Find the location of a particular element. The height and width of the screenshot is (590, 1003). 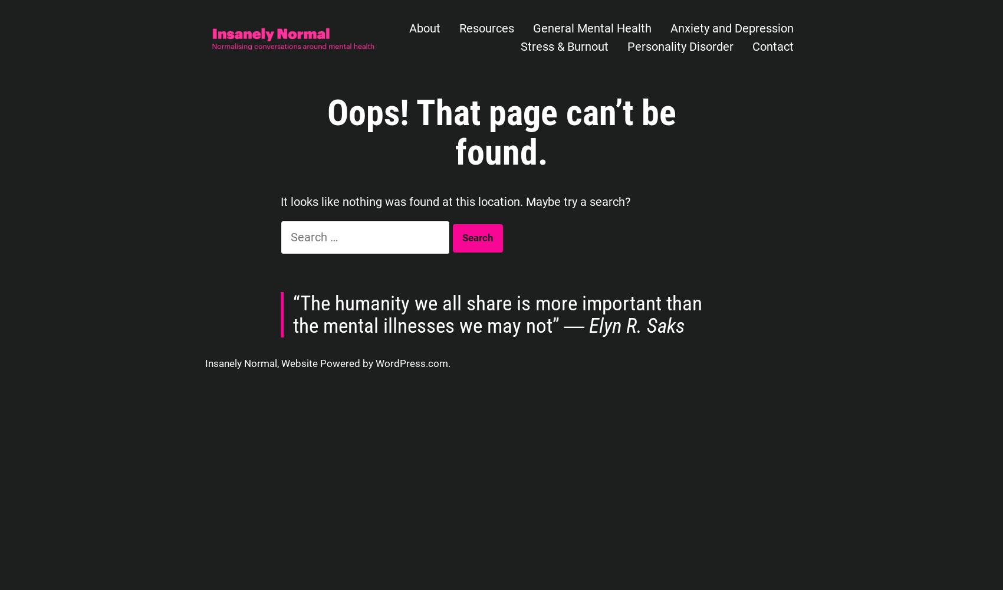

'It looks like nothing was found at this location. Maybe try a search?' is located at coordinates (455, 201).